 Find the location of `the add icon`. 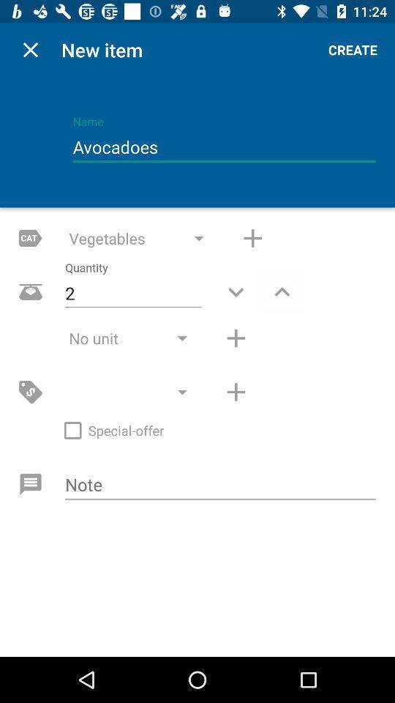

the add icon is located at coordinates (236, 338).